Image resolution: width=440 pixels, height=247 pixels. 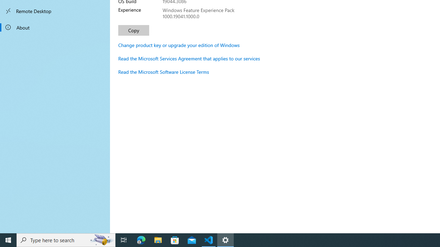 I want to click on 'Copy', so click(x=134, y=30).